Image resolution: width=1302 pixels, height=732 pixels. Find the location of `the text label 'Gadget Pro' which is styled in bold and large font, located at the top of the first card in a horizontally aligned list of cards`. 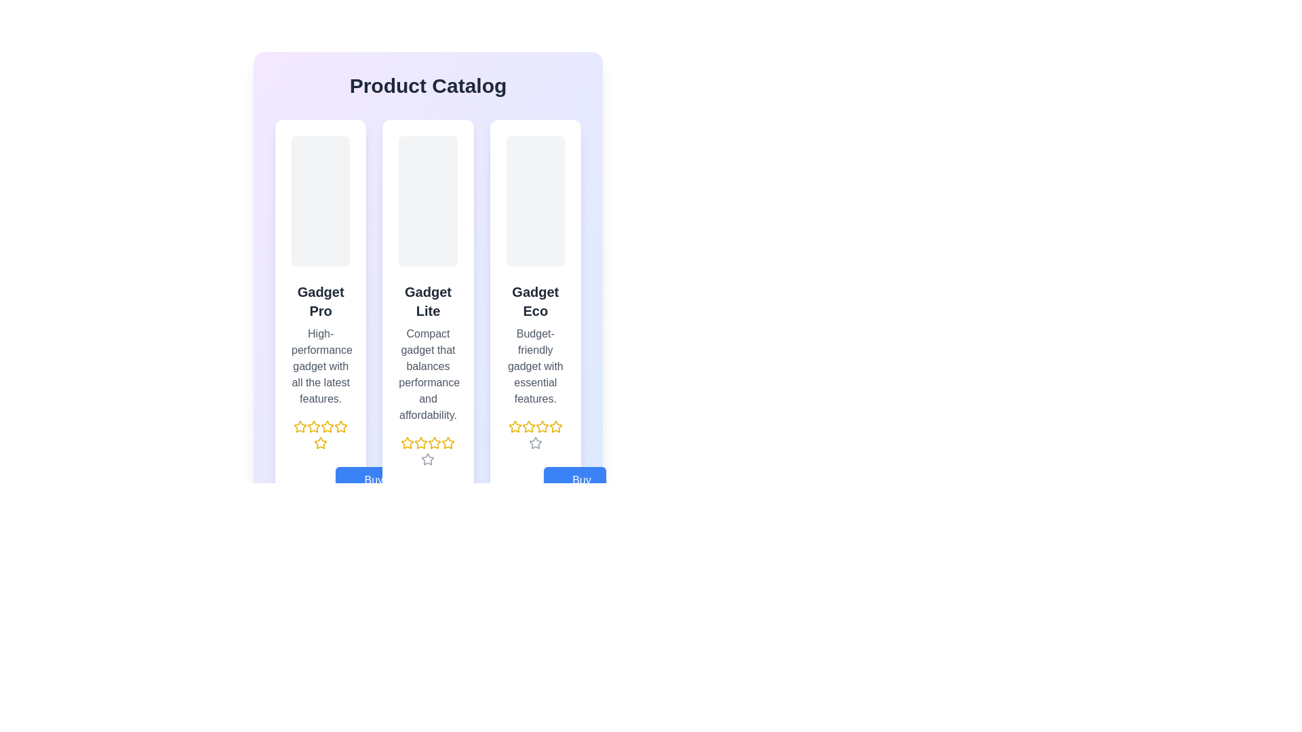

the text label 'Gadget Pro' which is styled in bold and large font, located at the top of the first card in a horizontally aligned list of cards is located at coordinates (320, 300).